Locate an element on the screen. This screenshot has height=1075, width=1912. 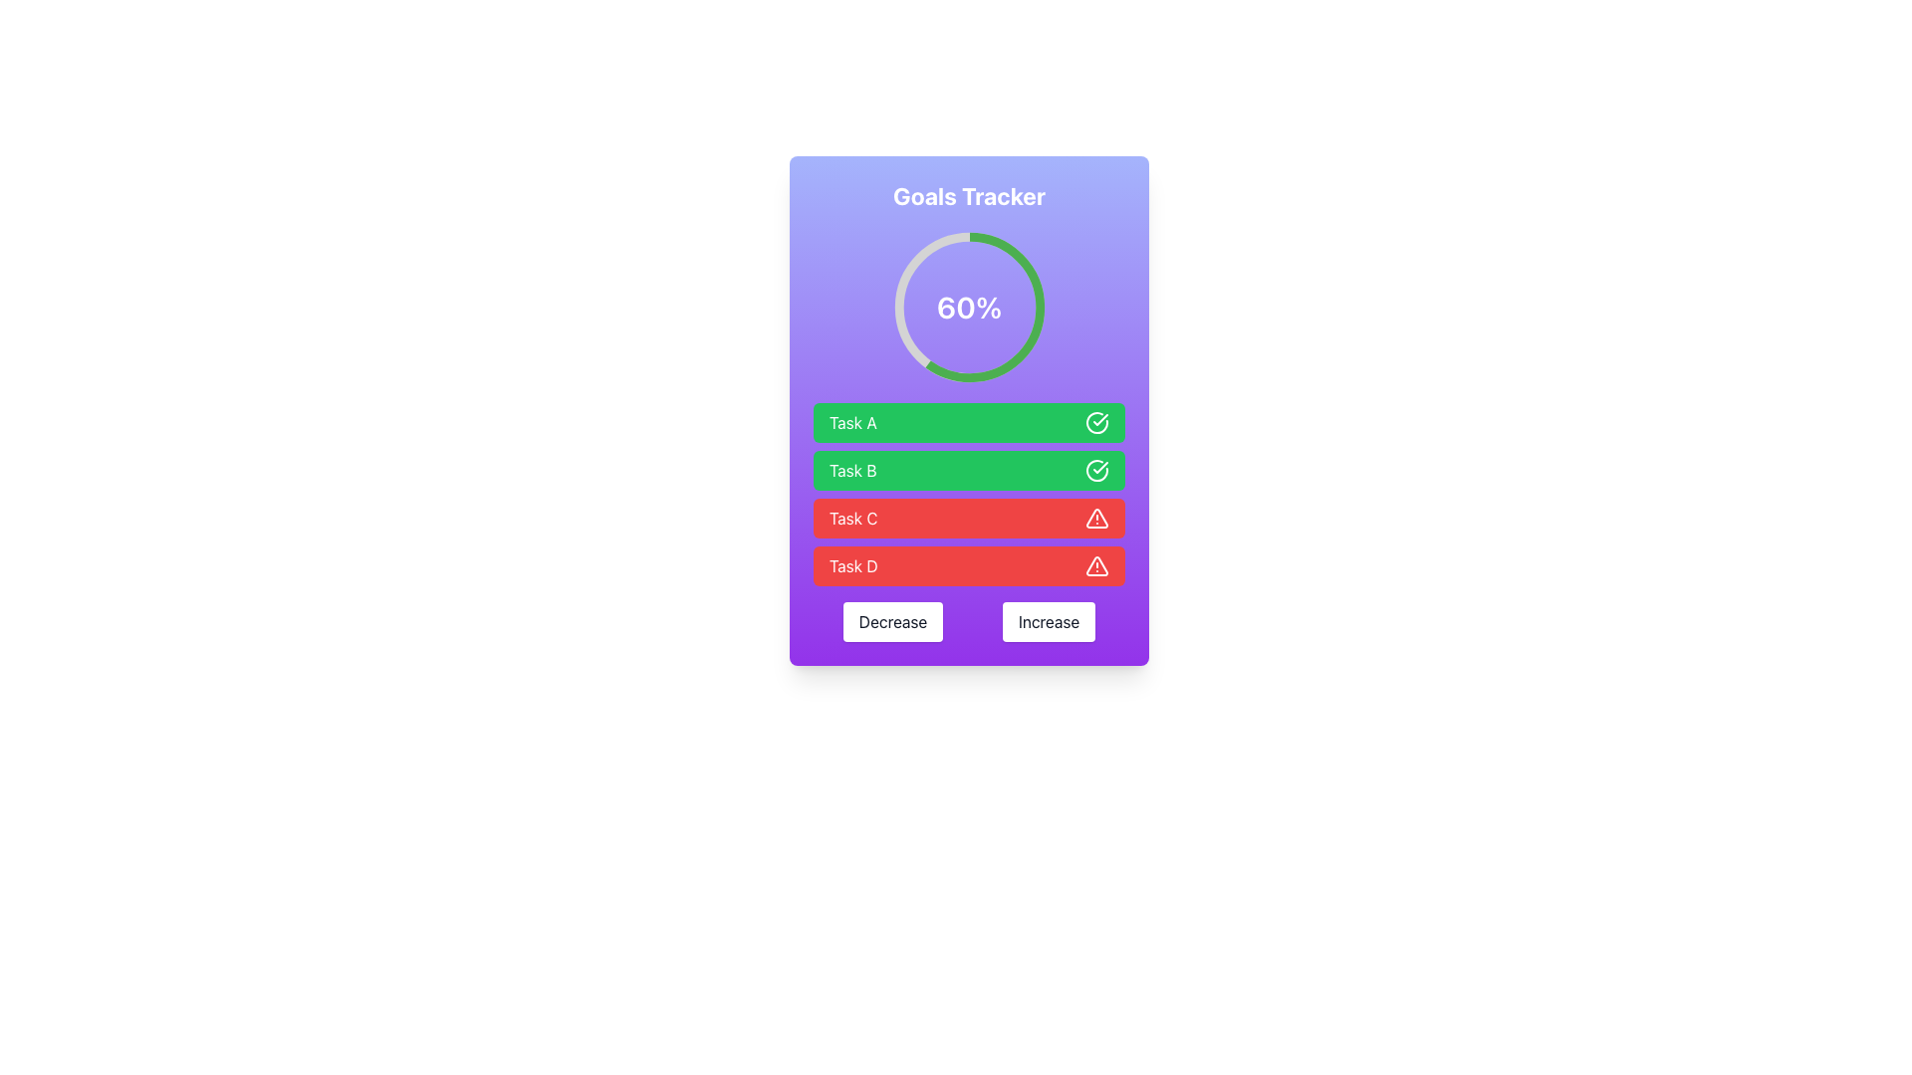
the triangular warning icon with an exclamation mark, located on the far right side of the 'Task C' row is located at coordinates (1096, 517).